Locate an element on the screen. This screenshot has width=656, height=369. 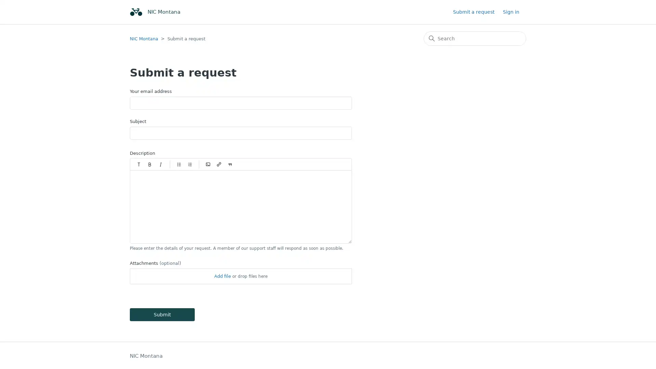
Bold is located at coordinates (149, 164).